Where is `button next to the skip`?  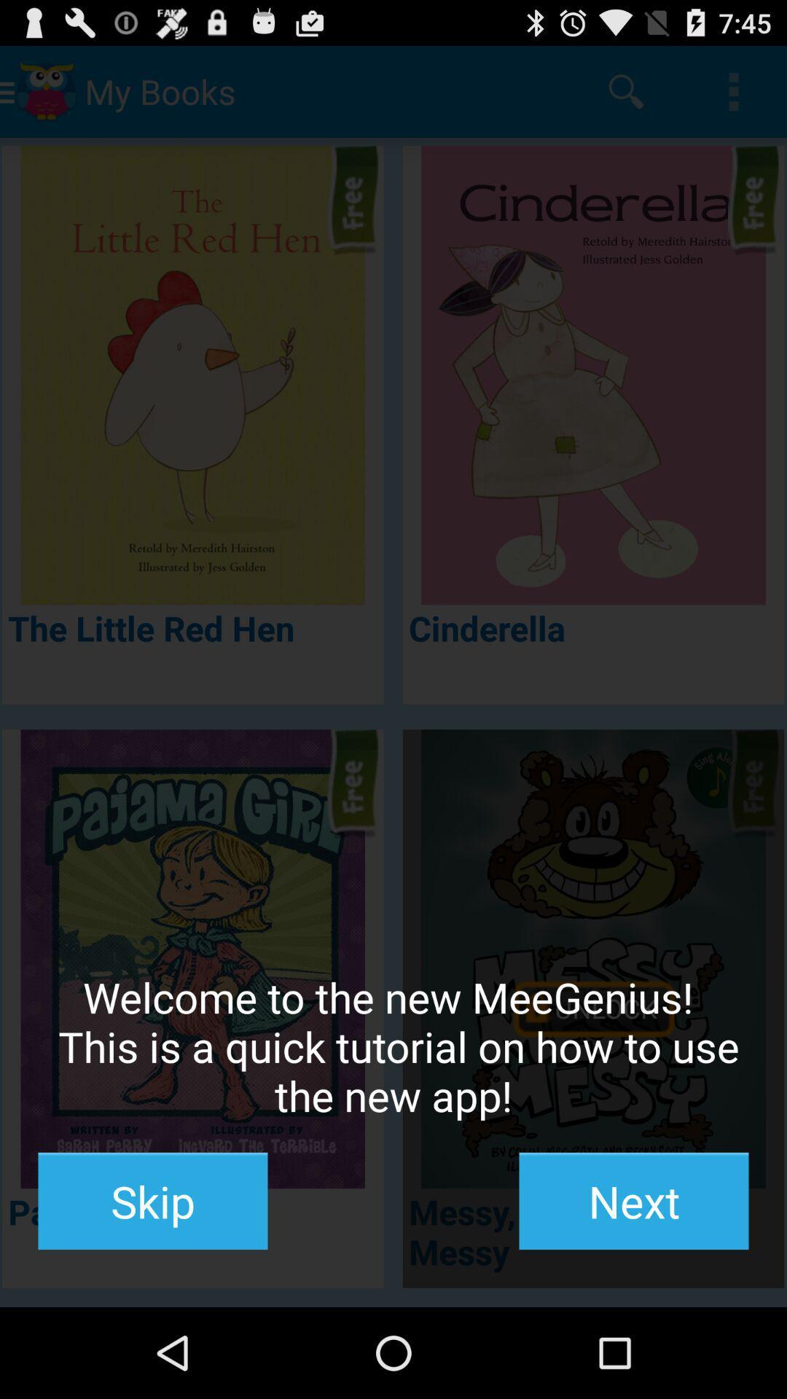 button next to the skip is located at coordinates (633, 1201).